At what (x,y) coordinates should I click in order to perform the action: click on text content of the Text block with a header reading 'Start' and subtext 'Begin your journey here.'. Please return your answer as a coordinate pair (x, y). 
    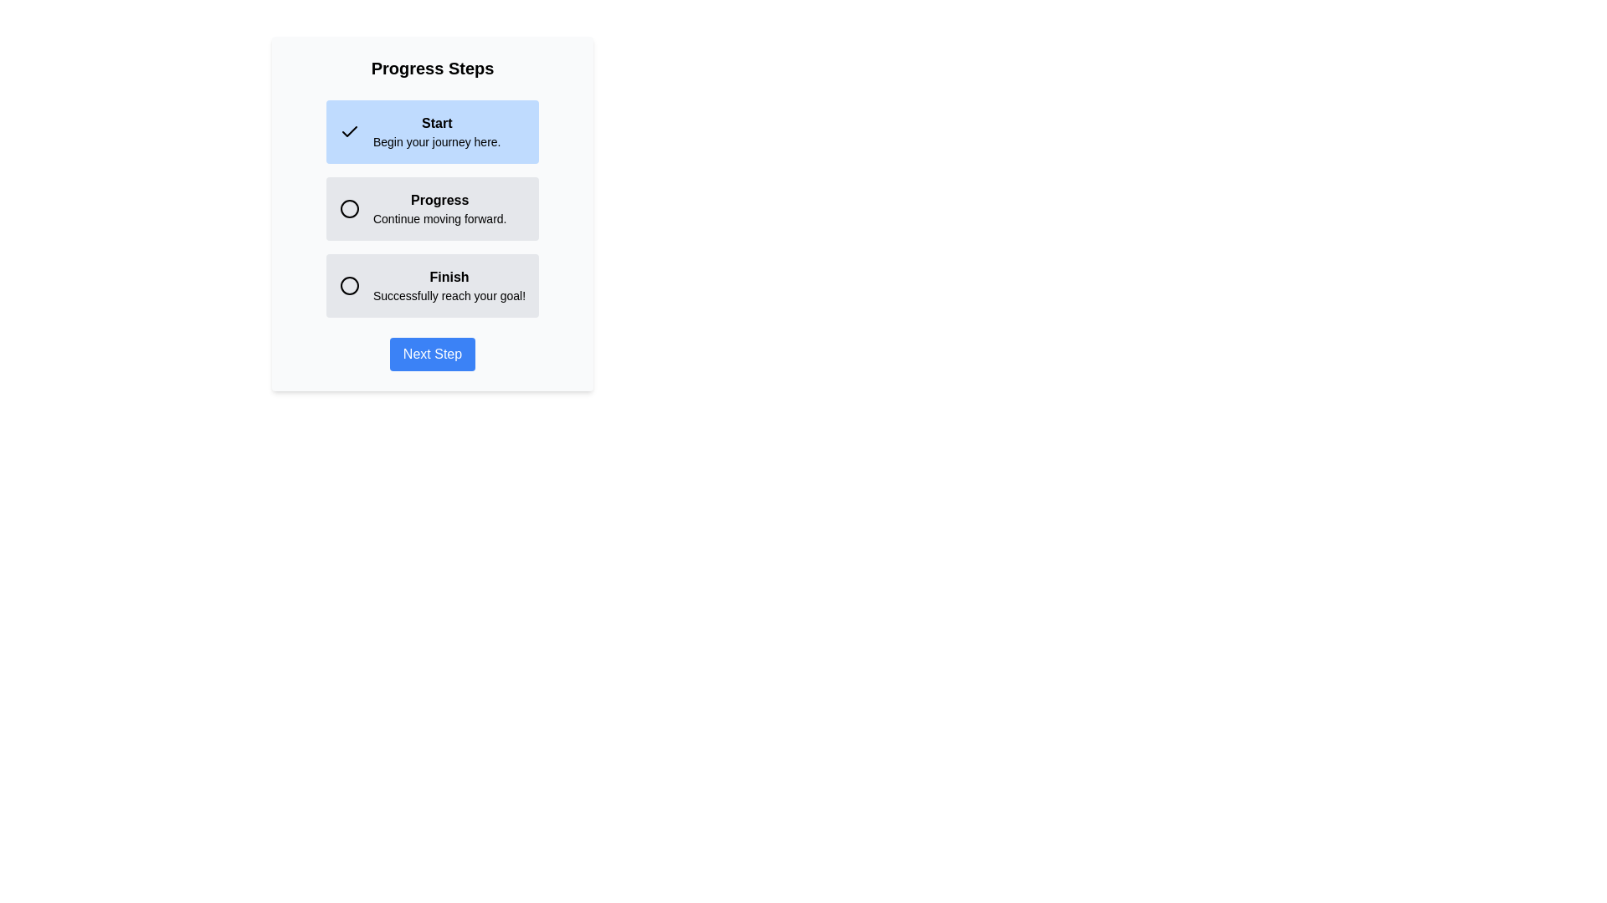
    Looking at the image, I should click on (437, 131).